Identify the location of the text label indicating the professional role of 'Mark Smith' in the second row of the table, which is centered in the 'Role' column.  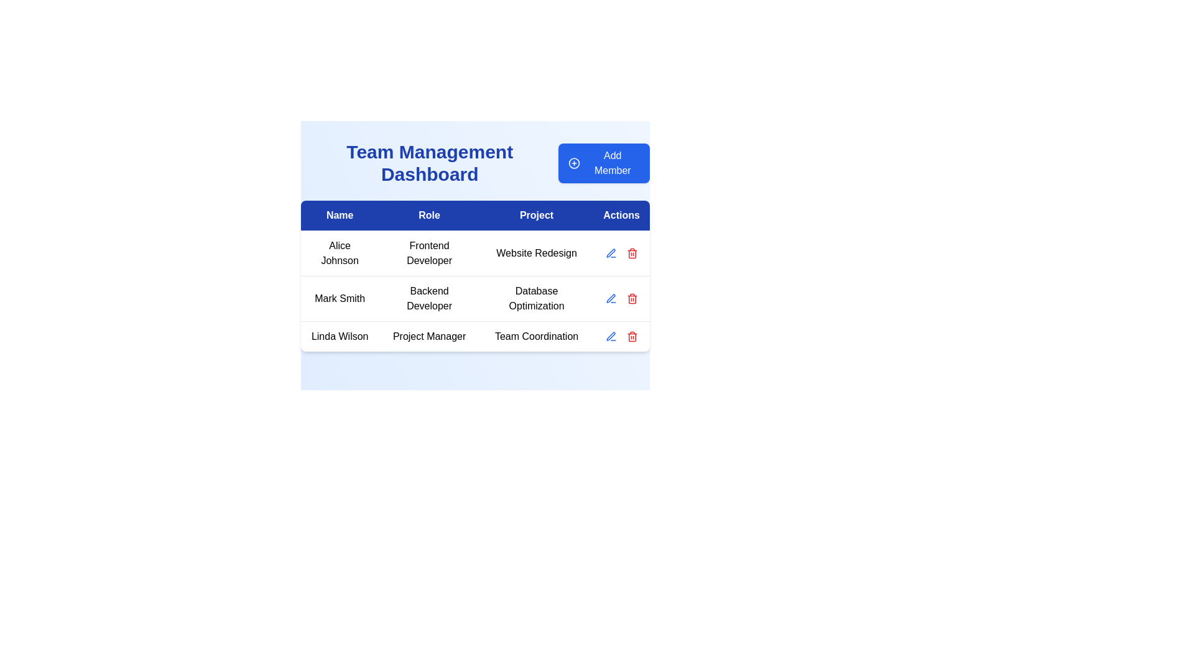
(429, 299).